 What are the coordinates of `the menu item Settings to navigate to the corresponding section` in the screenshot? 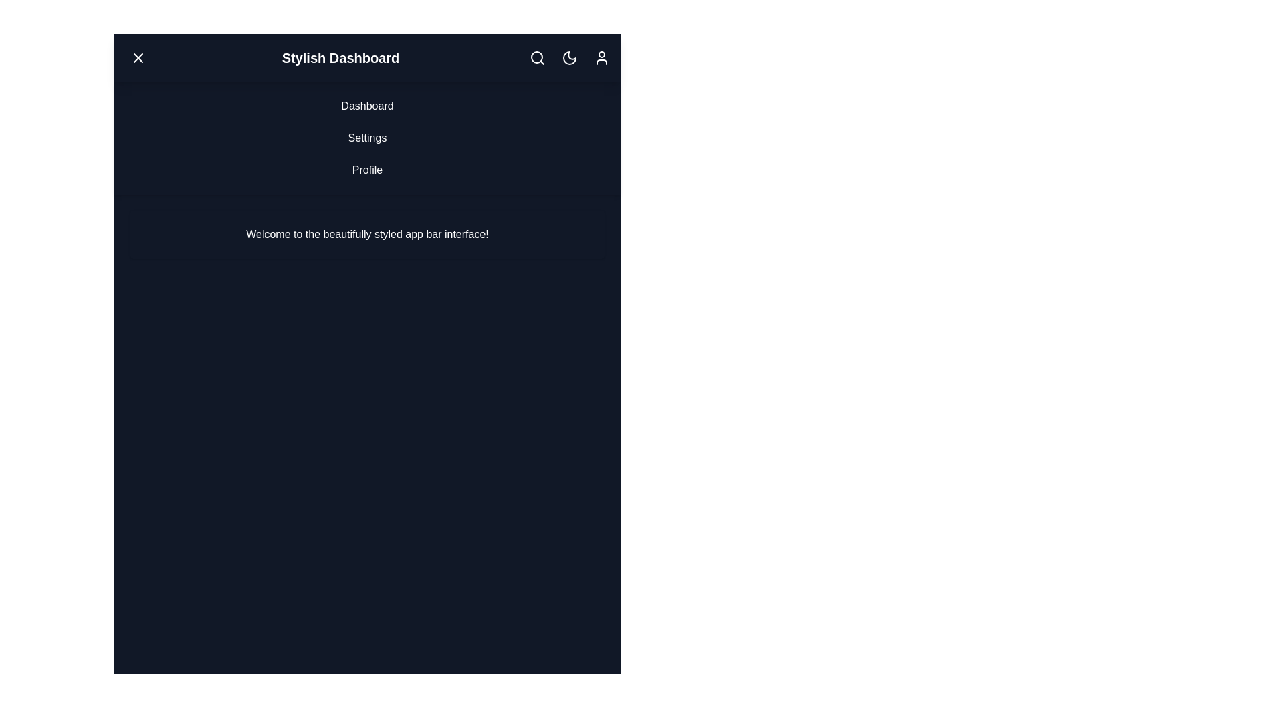 It's located at (367, 138).